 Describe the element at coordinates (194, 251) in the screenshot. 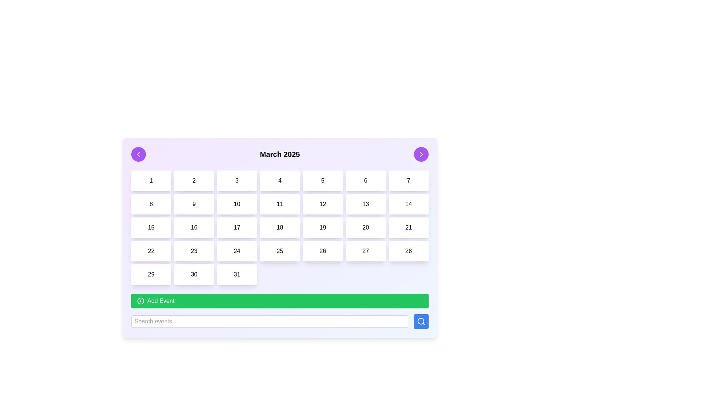

I see `the calendar cell displaying the number '23' which is part of the March 2025 grid layout` at that location.